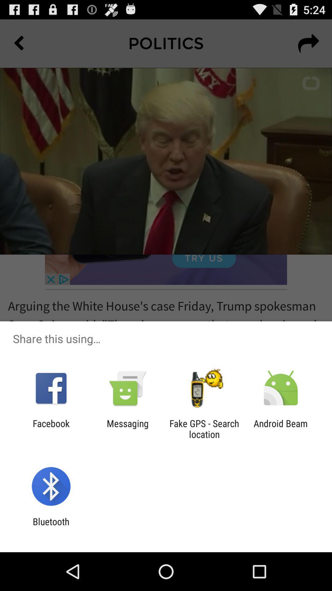 The image size is (332, 591). I want to click on the messaging icon, so click(127, 428).